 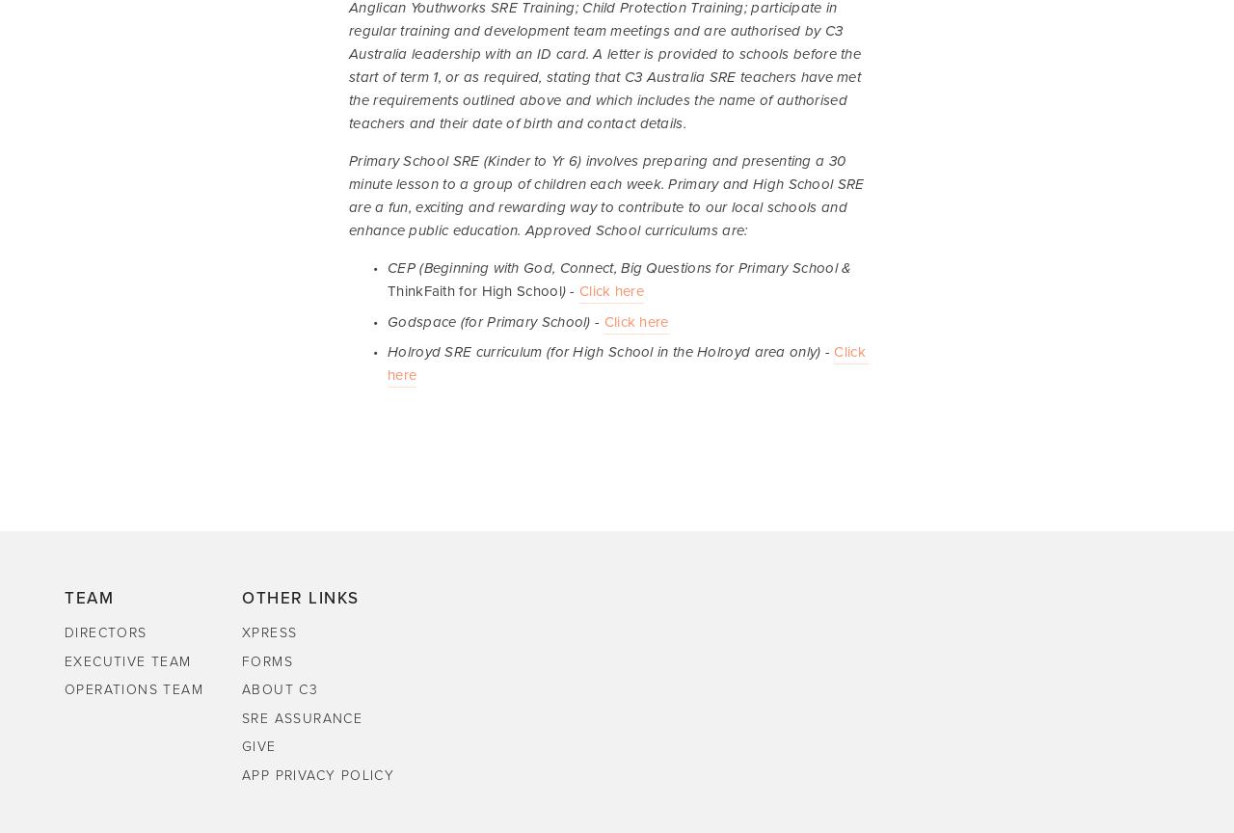 I want to click on 'App Privacy Policy', so click(x=317, y=774).